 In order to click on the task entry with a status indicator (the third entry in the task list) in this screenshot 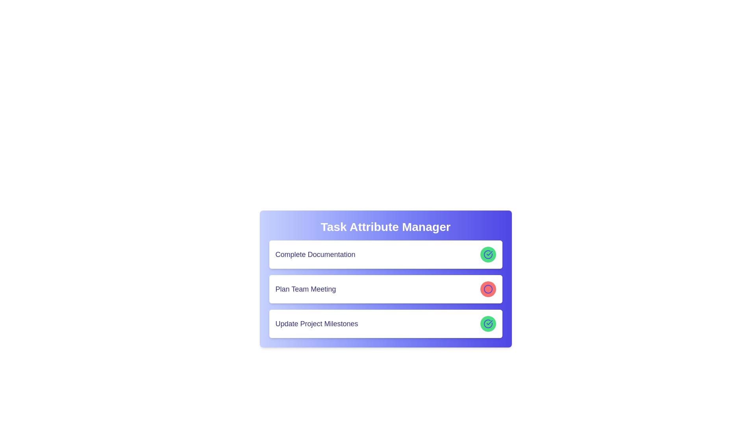, I will do `click(385, 323)`.